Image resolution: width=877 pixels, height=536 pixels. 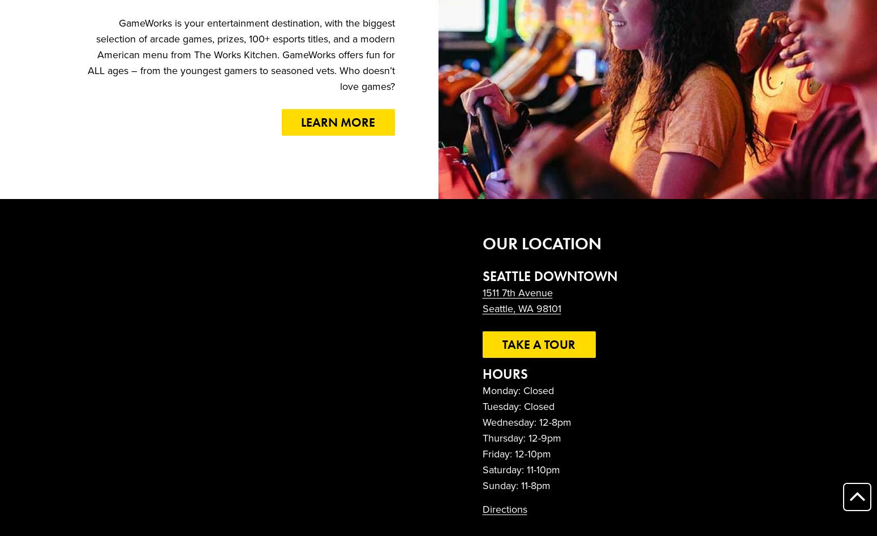 What do you see at coordinates (505, 373) in the screenshot?
I see `'Hours'` at bounding box center [505, 373].